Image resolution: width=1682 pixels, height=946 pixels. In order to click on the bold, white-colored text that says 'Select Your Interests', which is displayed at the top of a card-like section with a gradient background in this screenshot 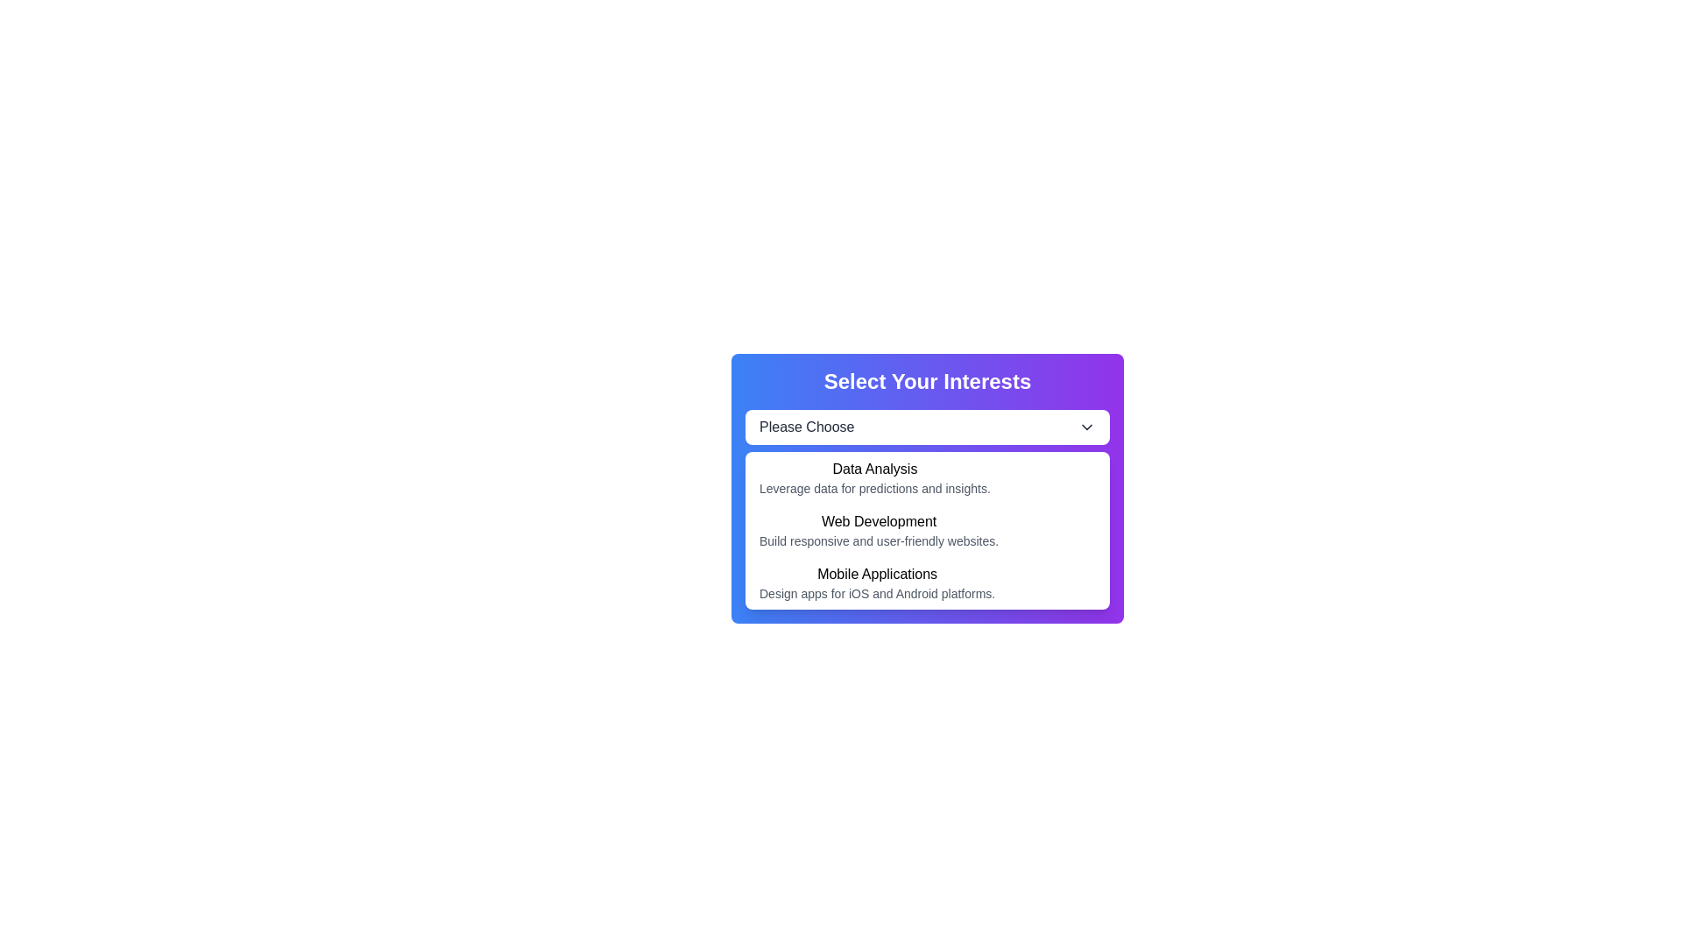, I will do `click(927, 380)`.